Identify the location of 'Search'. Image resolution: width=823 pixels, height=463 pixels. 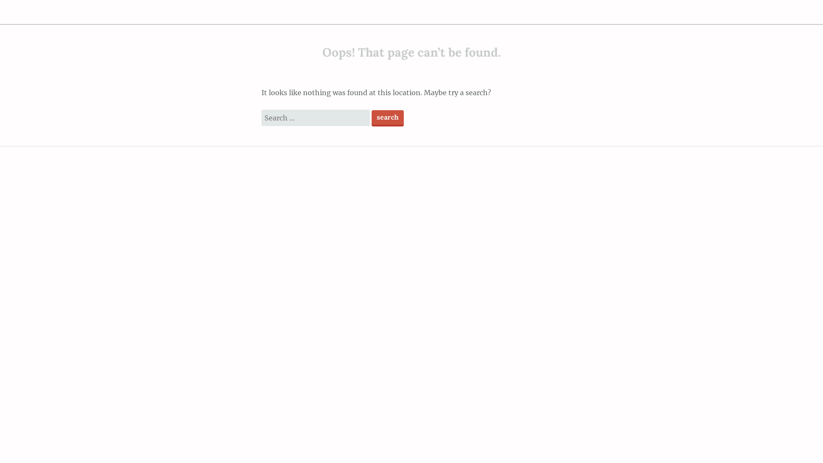
(387, 117).